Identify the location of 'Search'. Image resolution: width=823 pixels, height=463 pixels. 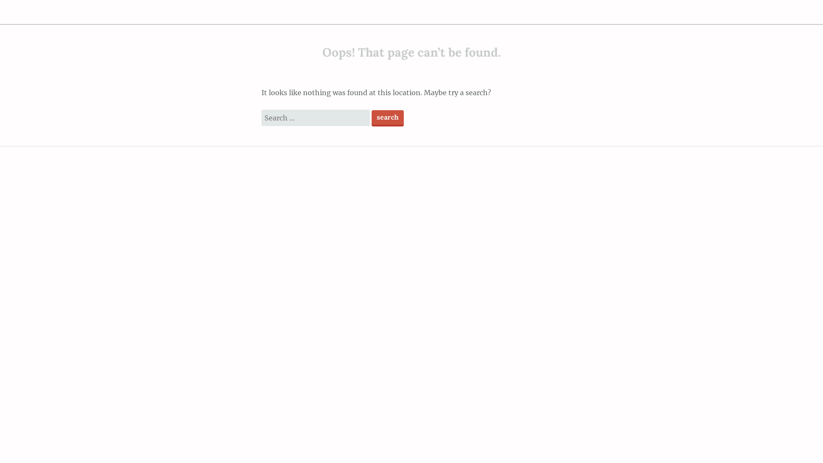
(387, 117).